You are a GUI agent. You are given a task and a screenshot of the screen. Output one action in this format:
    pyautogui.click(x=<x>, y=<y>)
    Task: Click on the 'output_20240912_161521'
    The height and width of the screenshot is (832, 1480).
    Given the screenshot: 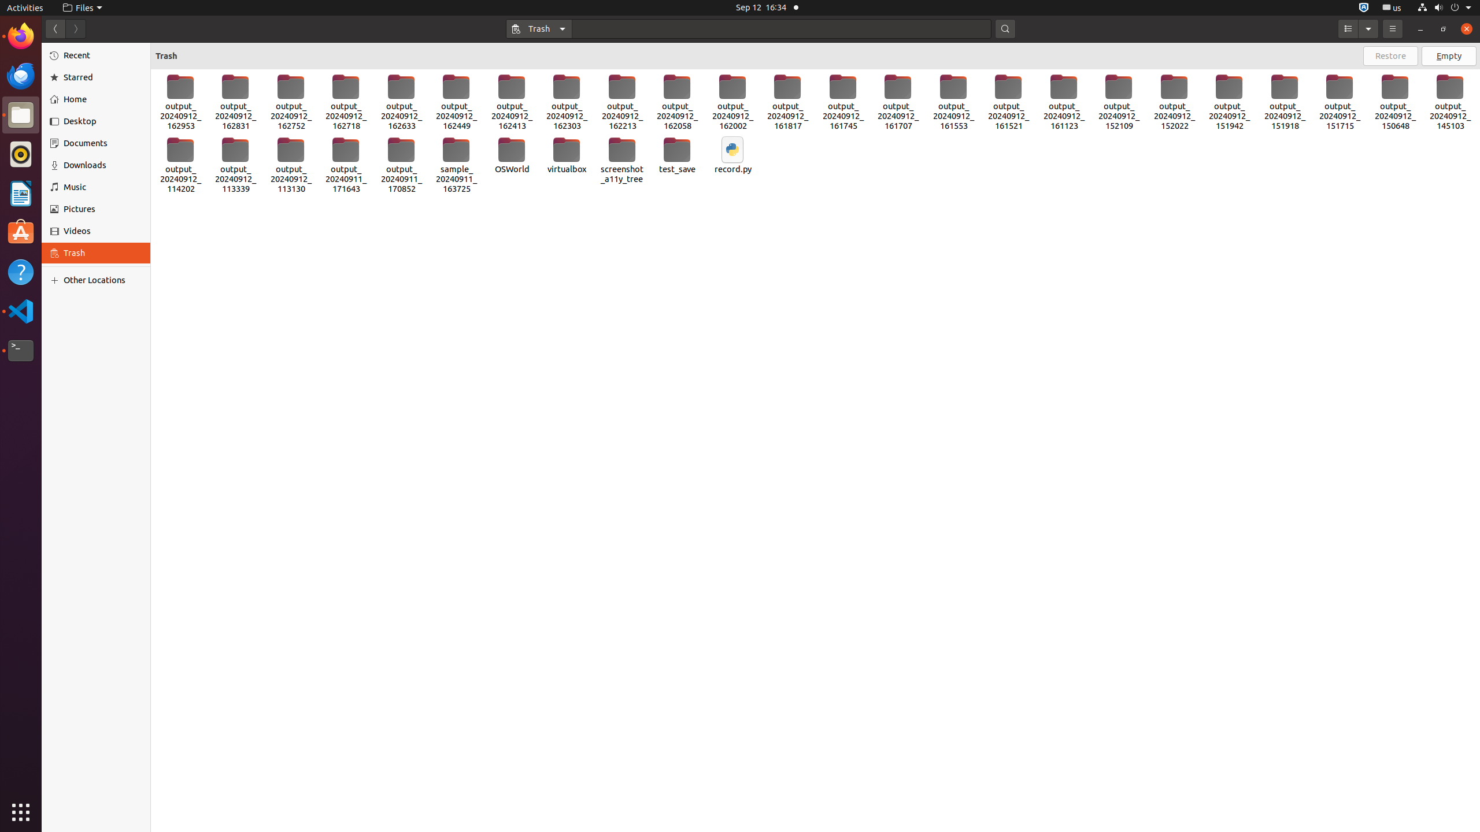 What is the action you would take?
    pyautogui.click(x=1008, y=102)
    